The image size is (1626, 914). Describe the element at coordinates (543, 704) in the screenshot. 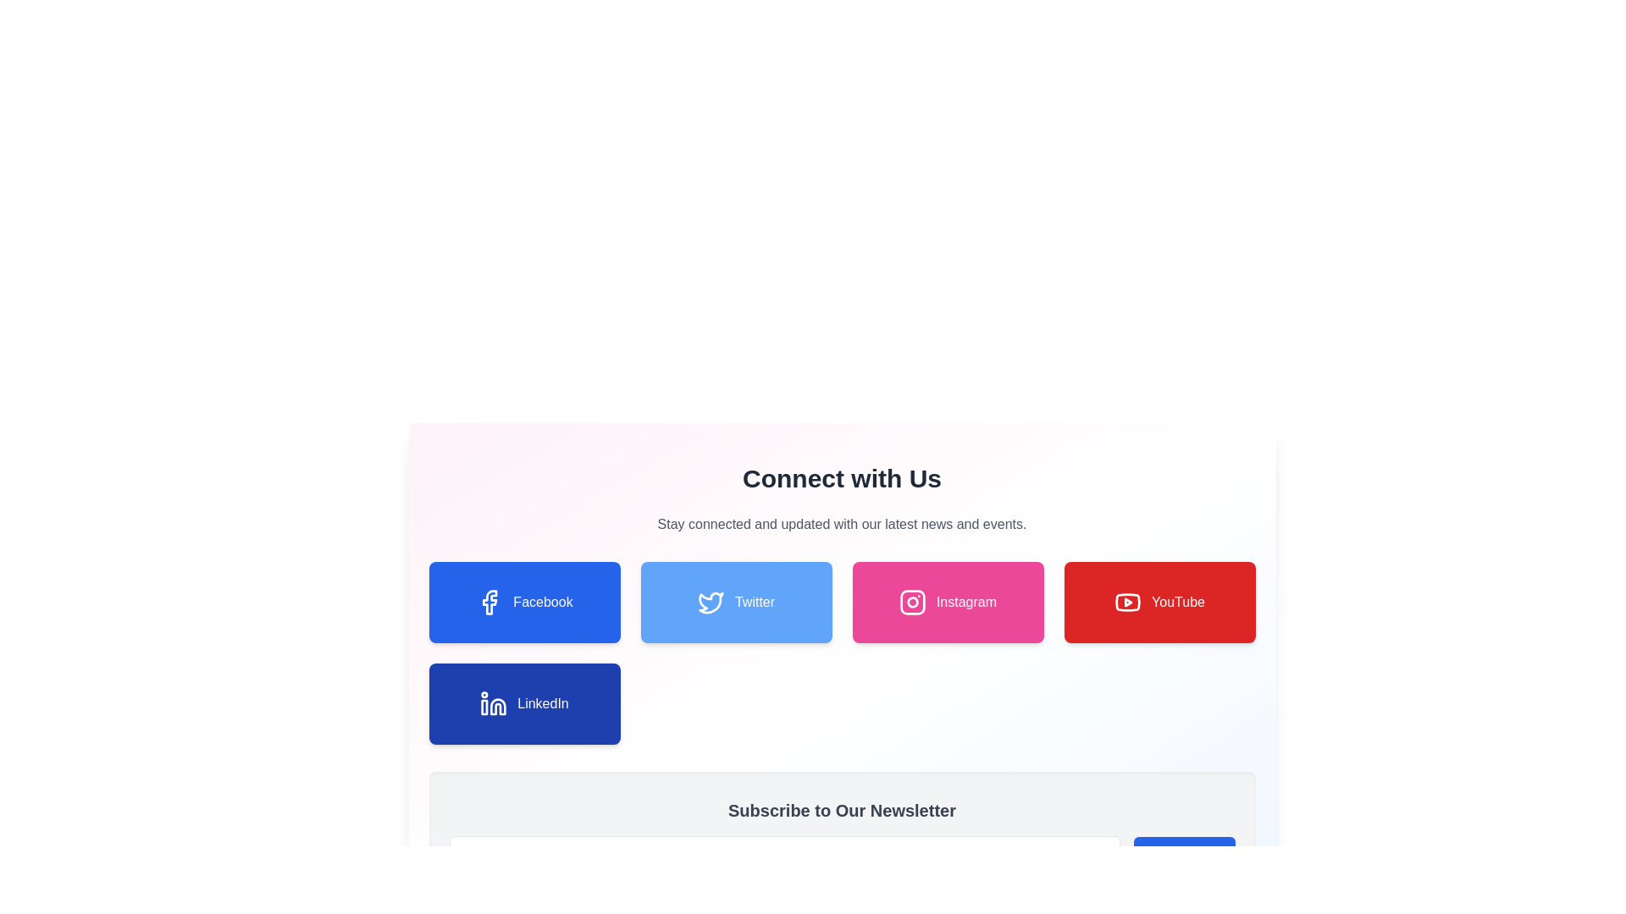

I see `the button associated with the LinkedIn text label located in the bottom left section of the grid` at that location.